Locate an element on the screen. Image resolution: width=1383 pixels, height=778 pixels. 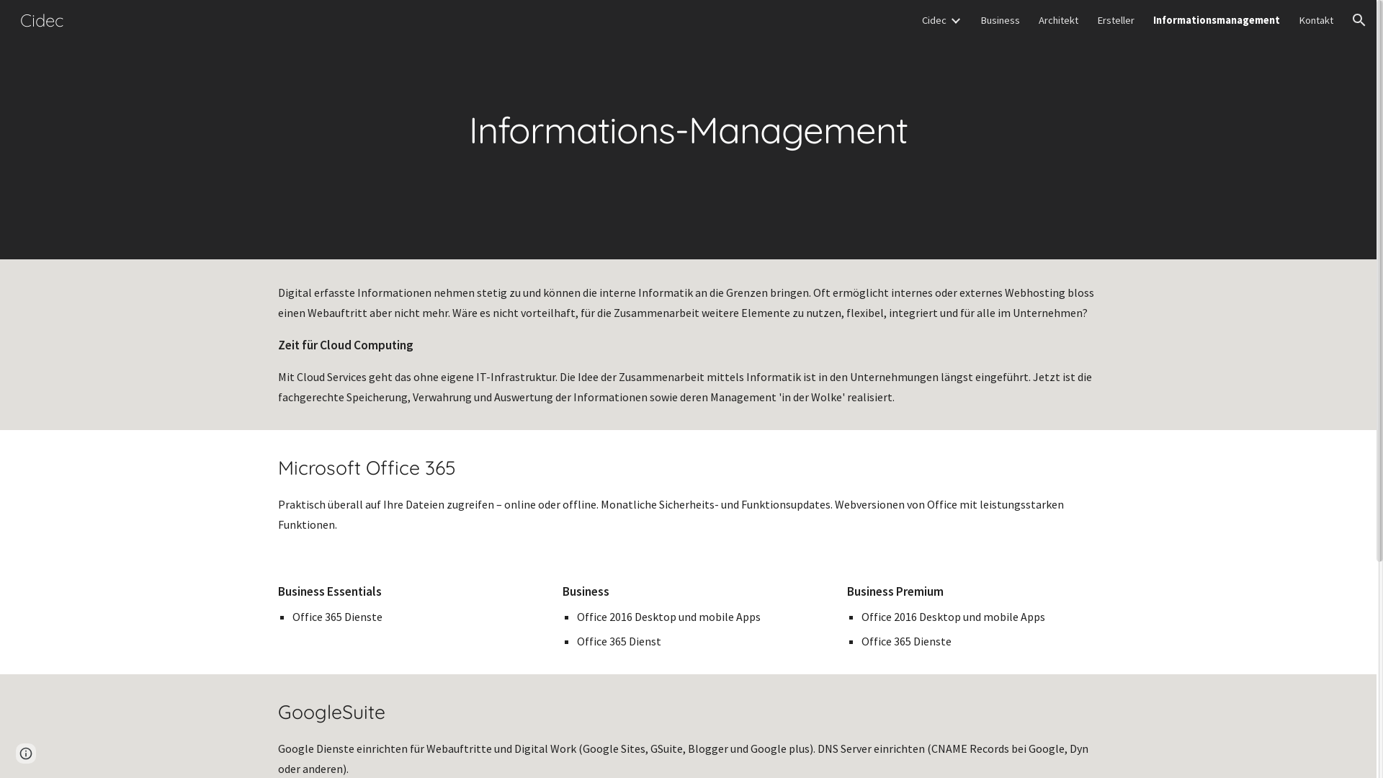
'Business' is located at coordinates (980, 19).